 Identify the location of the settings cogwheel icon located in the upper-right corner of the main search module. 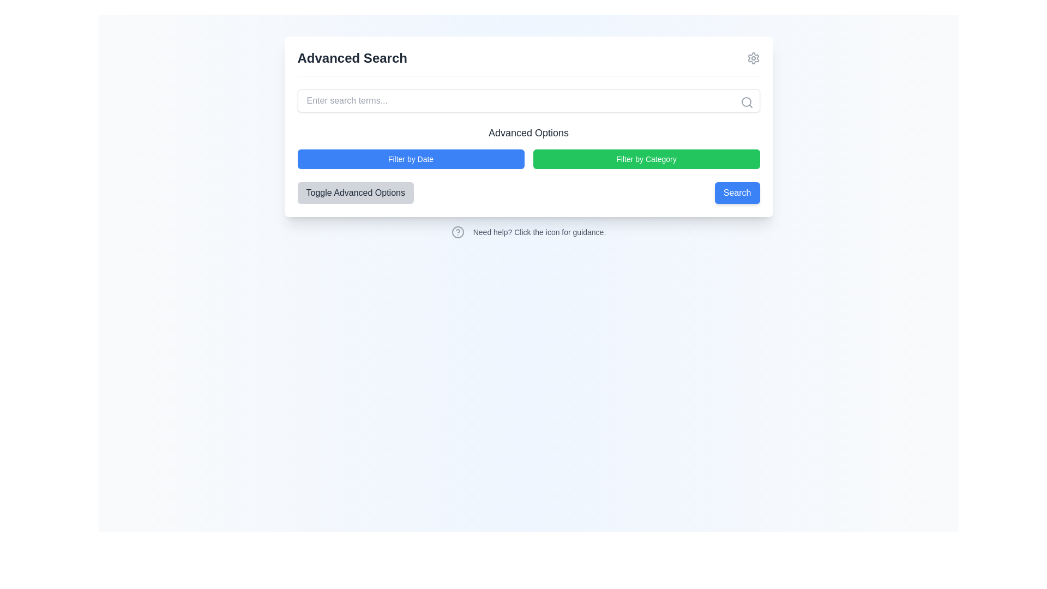
(753, 58).